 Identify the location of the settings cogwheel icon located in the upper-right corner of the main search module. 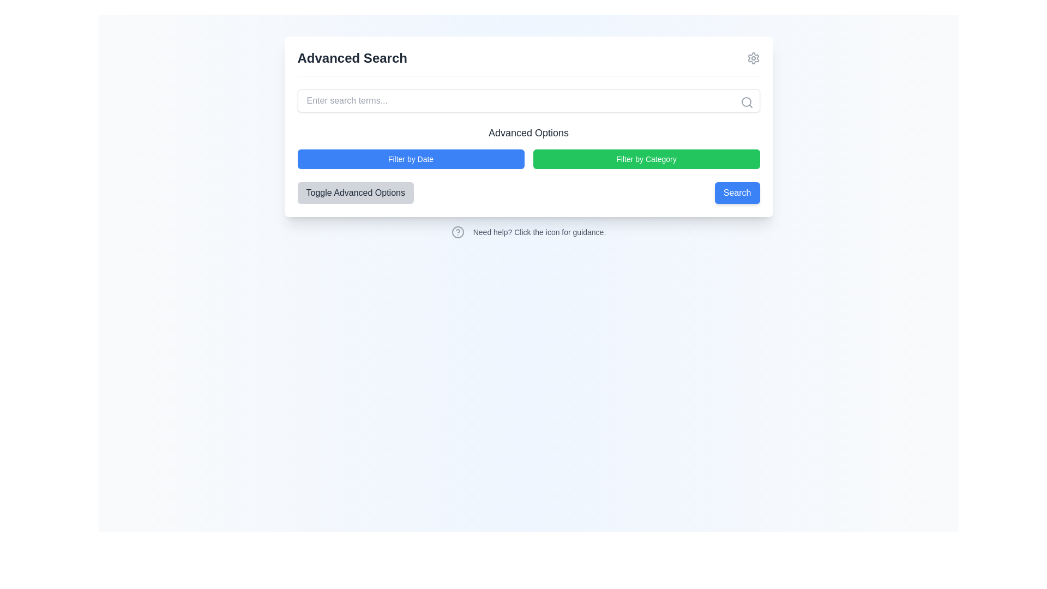
(753, 58).